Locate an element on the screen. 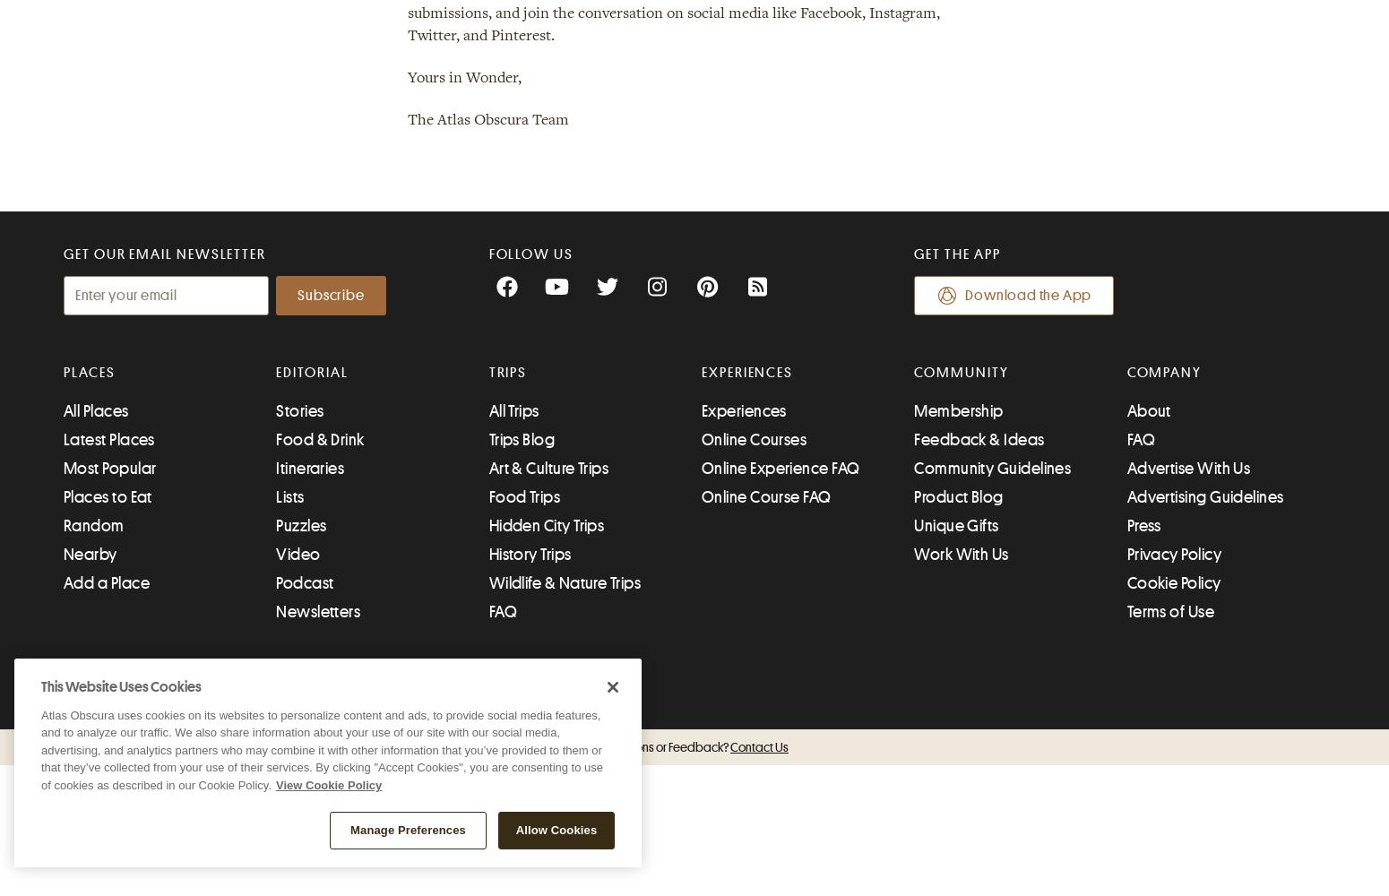 The height and width of the screenshot is (896, 1389). 'Newsletters' is located at coordinates (316, 612).